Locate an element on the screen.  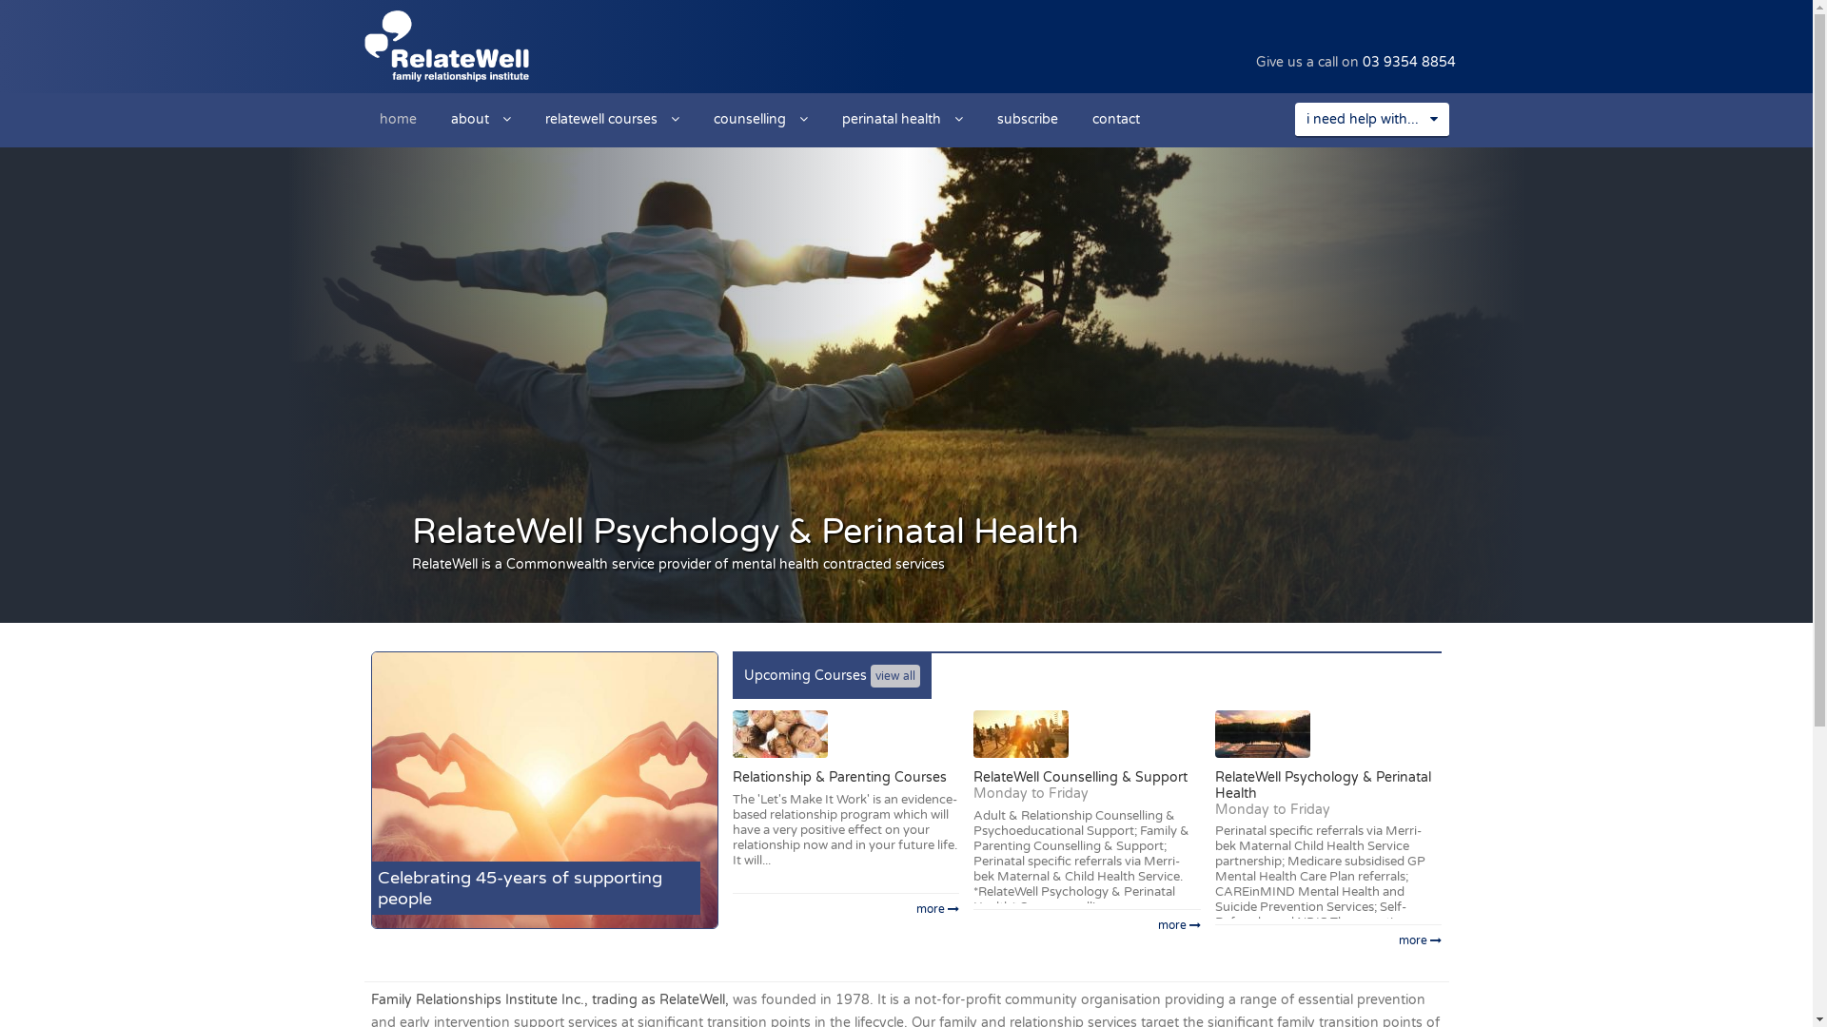
'about' is located at coordinates (481, 118).